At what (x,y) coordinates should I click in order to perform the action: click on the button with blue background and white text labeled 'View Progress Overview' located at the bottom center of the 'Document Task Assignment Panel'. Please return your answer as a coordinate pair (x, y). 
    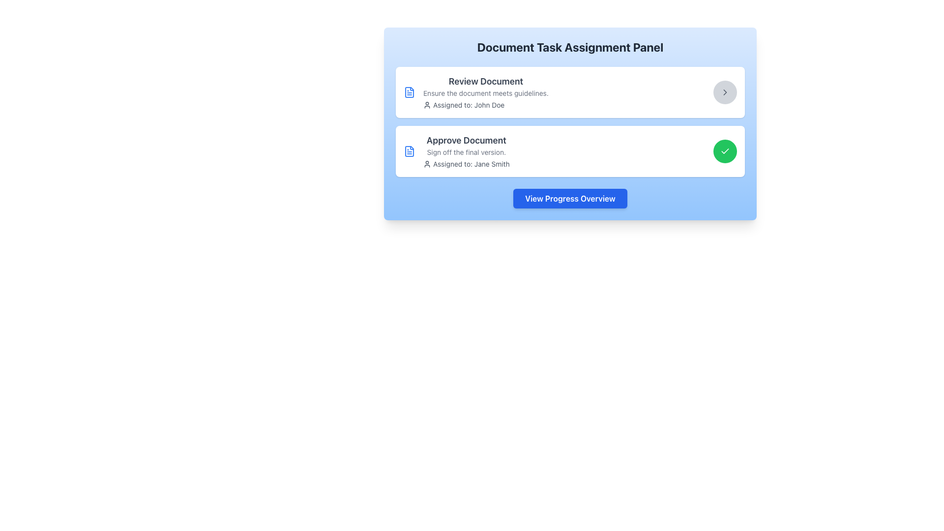
    Looking at the image, I should click on (570, 199).